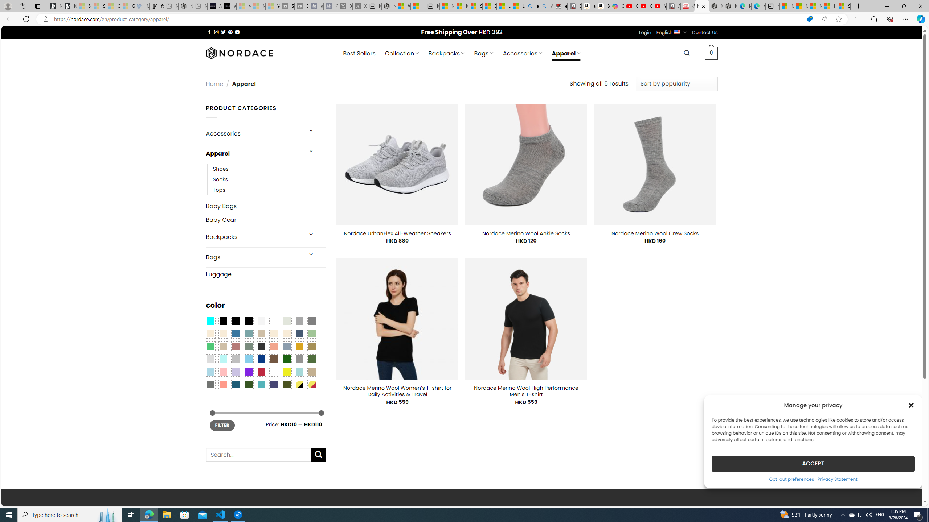  I want to click on 'Luggage', so click(265, 274).